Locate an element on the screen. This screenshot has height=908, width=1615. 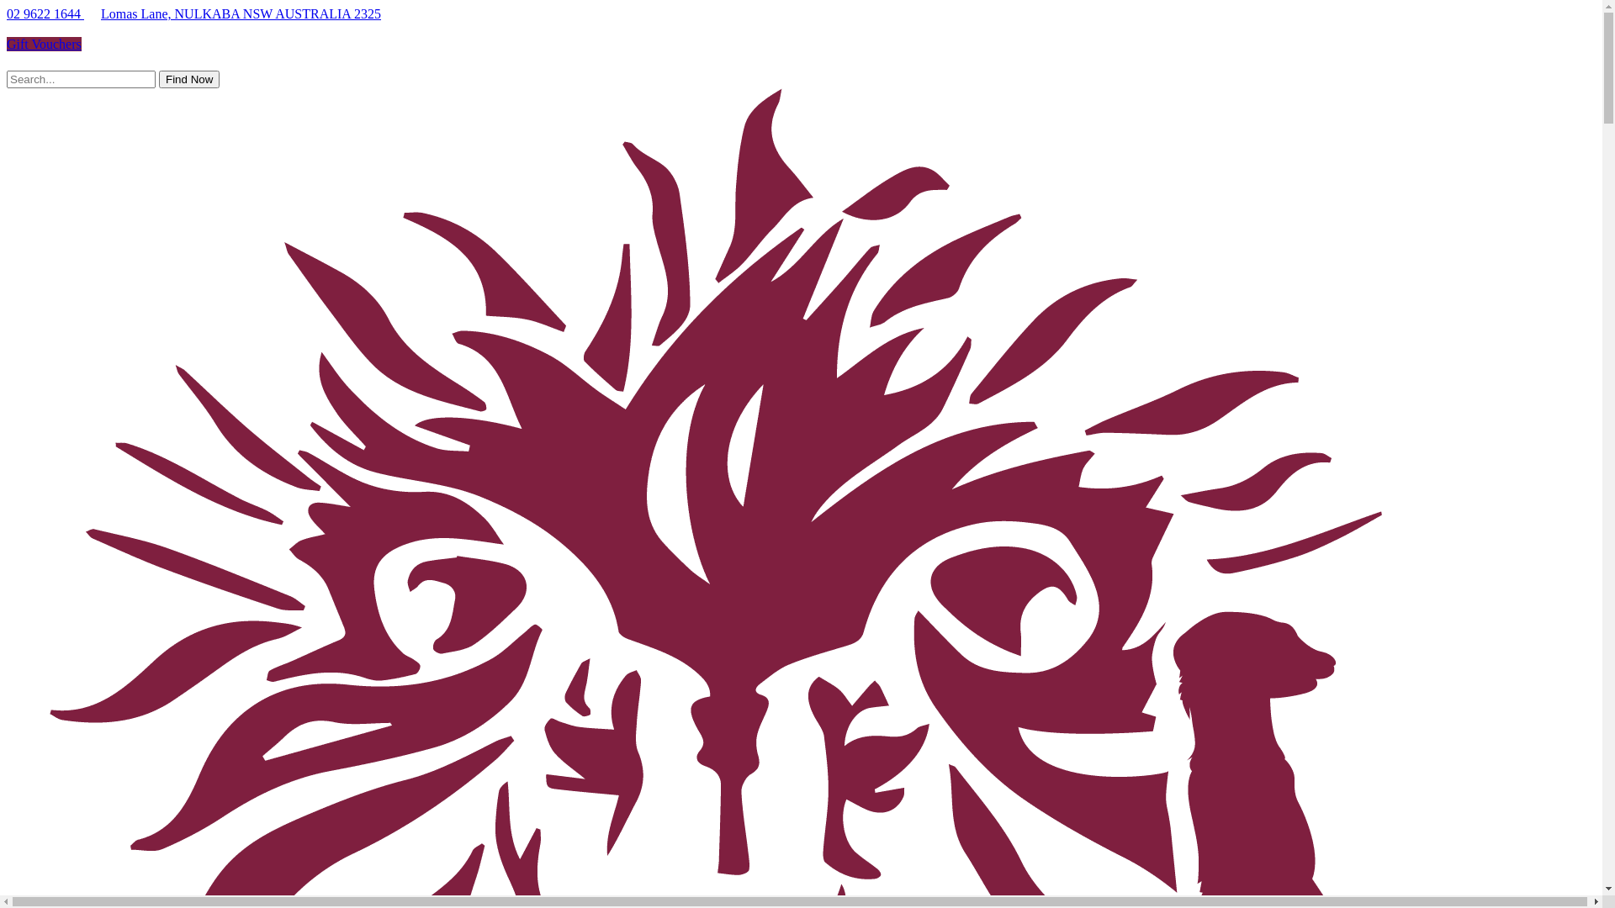
'Find Now' is located at coordinates (189, 79).